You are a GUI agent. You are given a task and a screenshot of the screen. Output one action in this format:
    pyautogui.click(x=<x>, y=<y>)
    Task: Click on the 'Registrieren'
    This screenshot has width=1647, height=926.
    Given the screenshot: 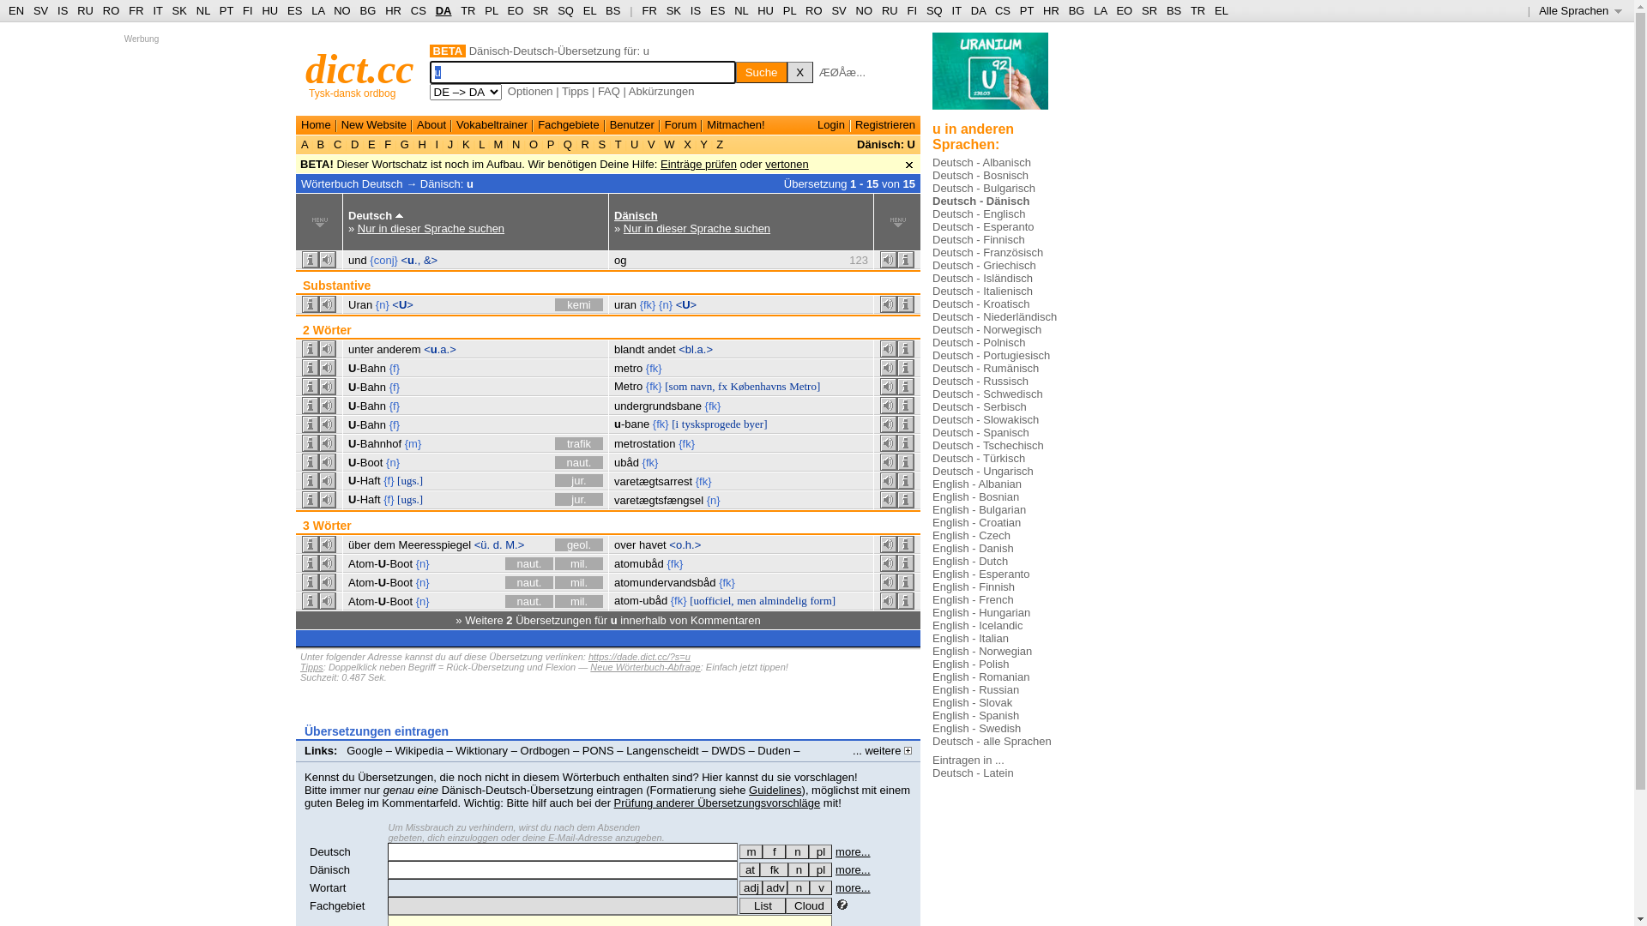 What is the action you would take?
    pyautogui.click(x=855, y=123)
    